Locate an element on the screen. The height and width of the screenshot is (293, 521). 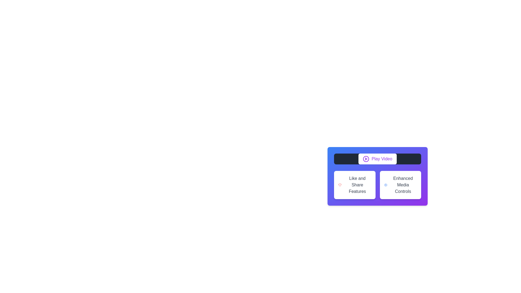
the 'Play Video' button, which has a white background, rounded corners, purple text and icon, and a shadow effect, to observe its hover effects such as background change is located at coordinates (377, 159).